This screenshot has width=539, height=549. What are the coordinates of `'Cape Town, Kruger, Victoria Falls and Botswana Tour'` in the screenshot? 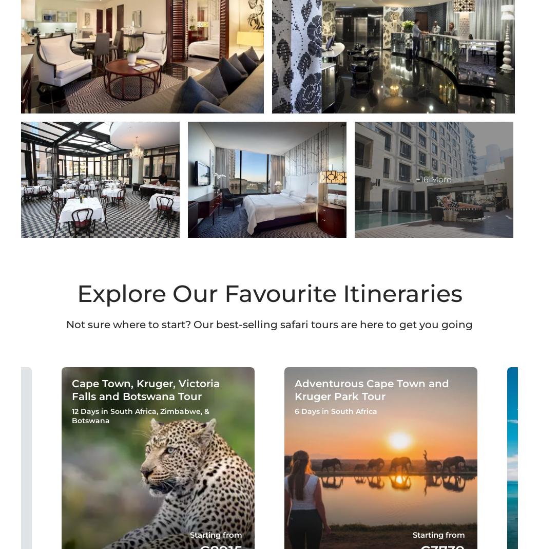 It's located at (71, 389).